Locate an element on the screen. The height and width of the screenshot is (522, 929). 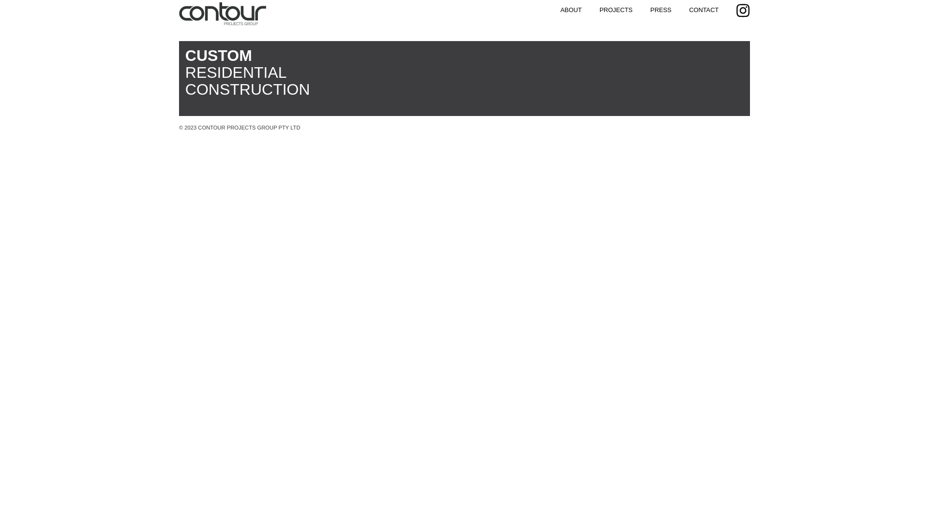
'CONTACT' is located at coordinates (689, 10).